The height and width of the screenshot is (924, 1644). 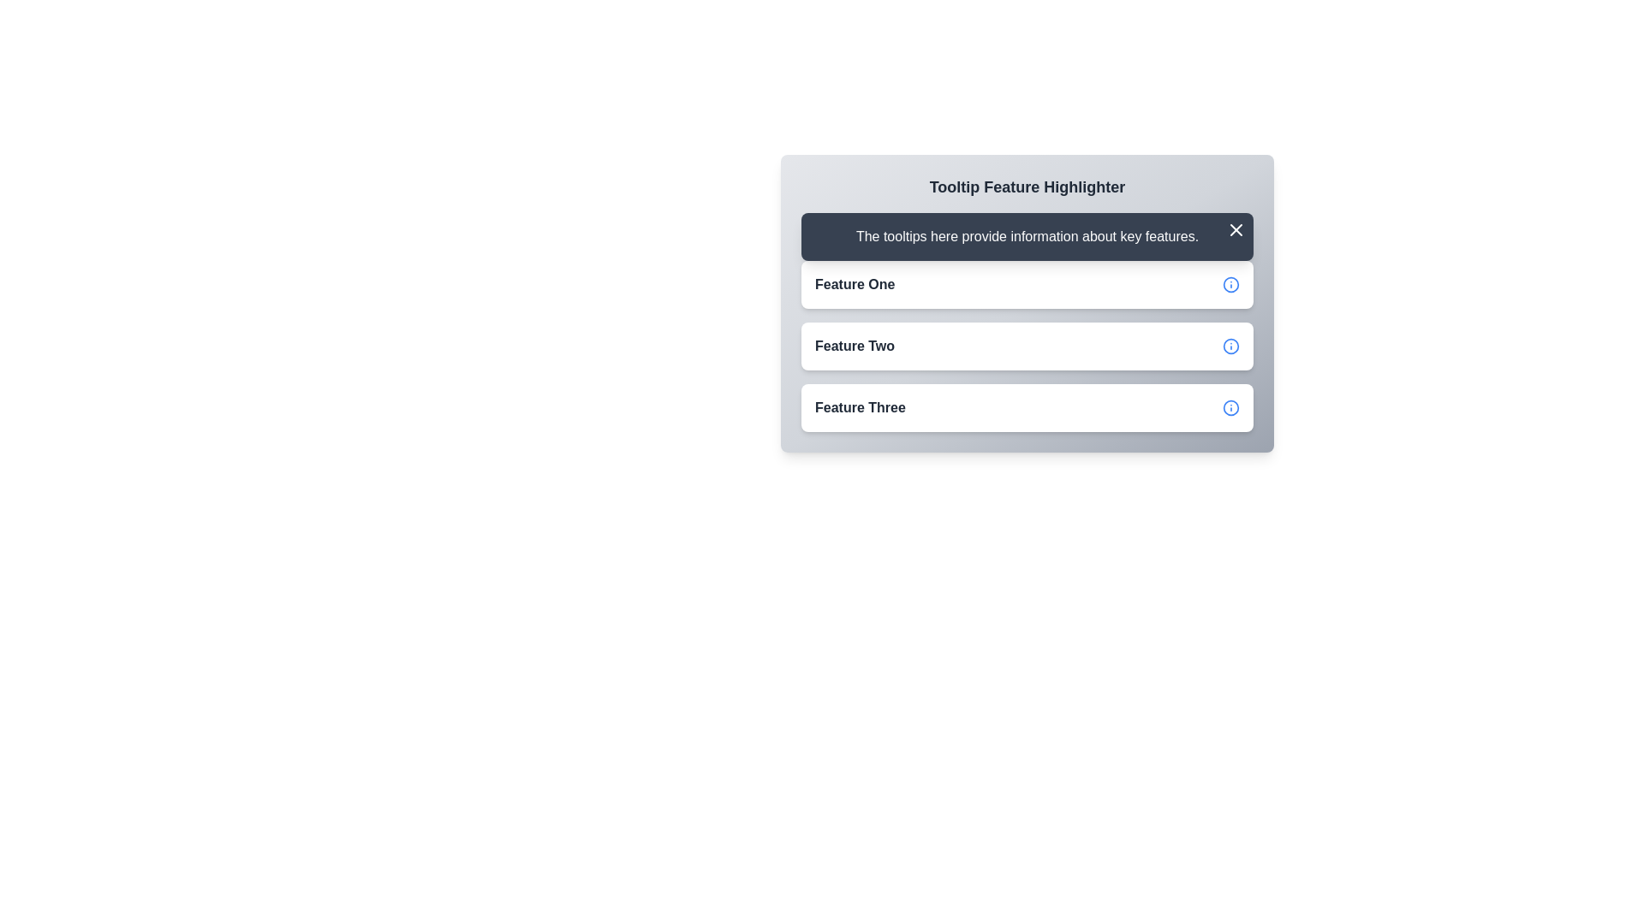 What do you see at coordinates (855, 346) in the screenshot?
I see `the text label 'Feature Two' which is displayed in a bold and dark font within a white, rounded rectangular card, located below 'Feature One' and above 'Feature Three'` at bounding box center [855, 346].